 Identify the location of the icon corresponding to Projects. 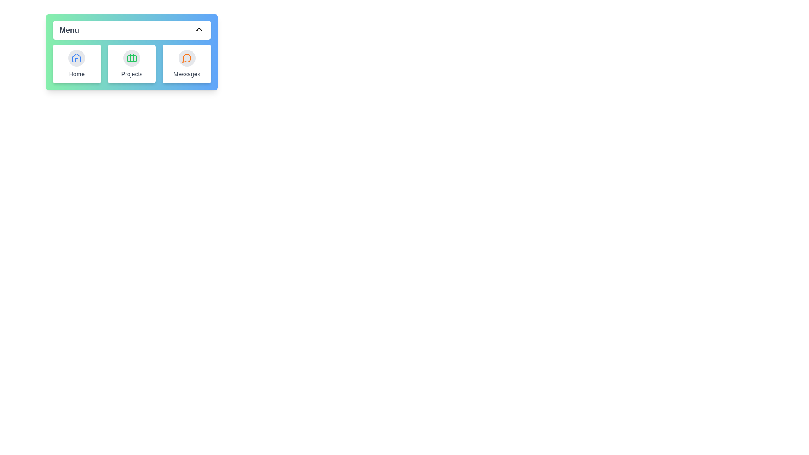
(131, 58).